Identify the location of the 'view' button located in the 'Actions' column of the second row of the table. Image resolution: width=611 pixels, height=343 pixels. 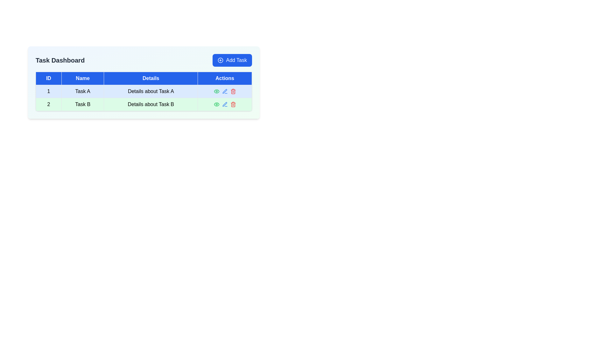
(216, 104).